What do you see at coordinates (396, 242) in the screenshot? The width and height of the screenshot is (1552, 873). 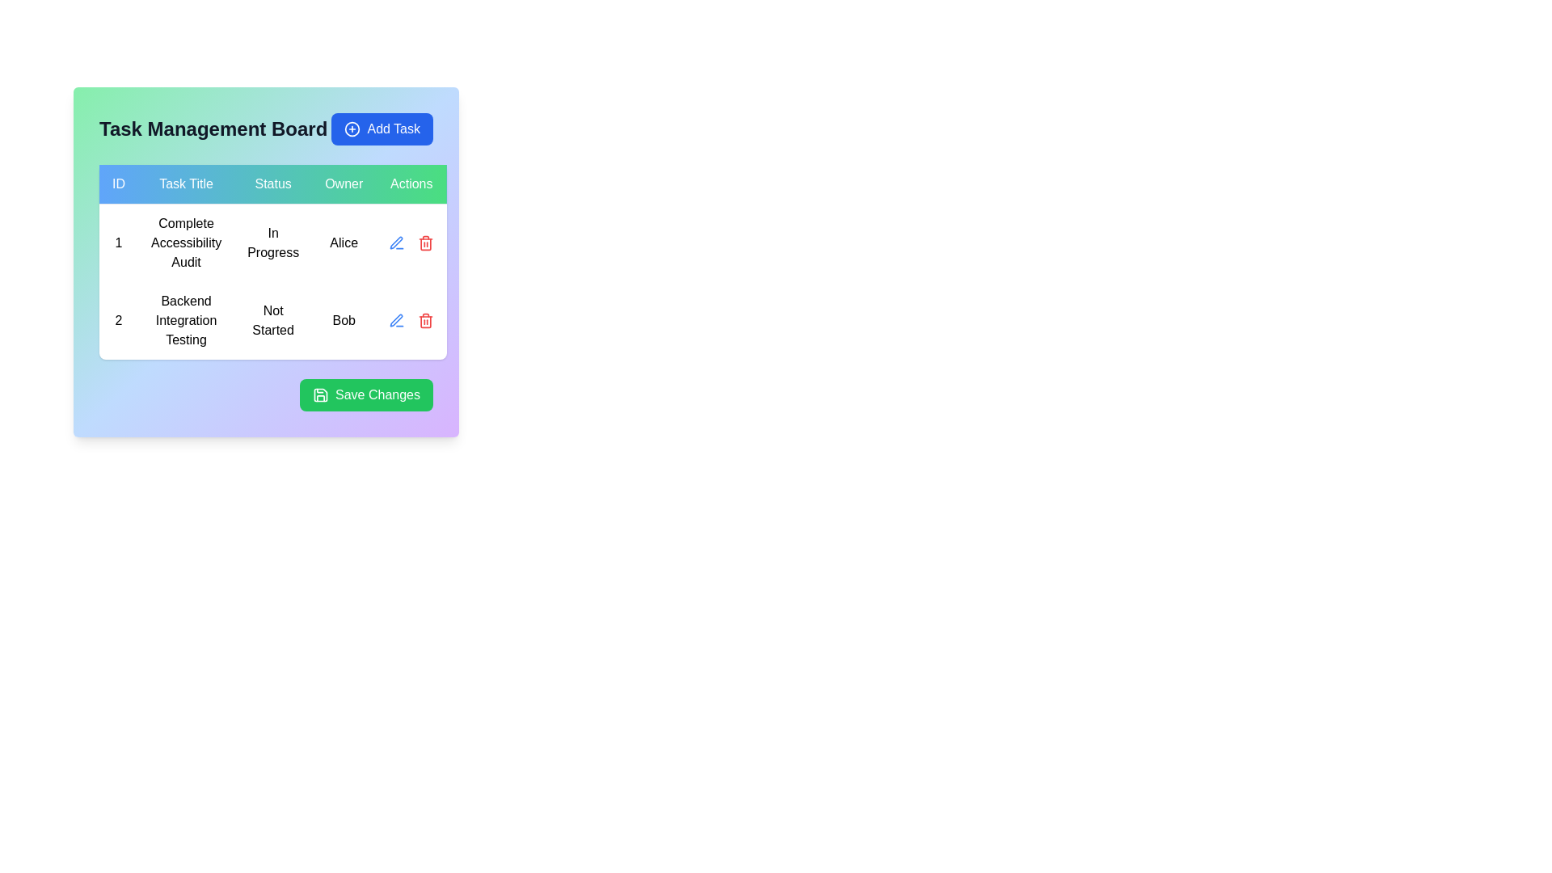 I see `the Edit icon button located in the Actions column next to the trash can icon for the task titled 'Complete Accessibility Audit' to initiate editing` at bounding box center [396, 242].